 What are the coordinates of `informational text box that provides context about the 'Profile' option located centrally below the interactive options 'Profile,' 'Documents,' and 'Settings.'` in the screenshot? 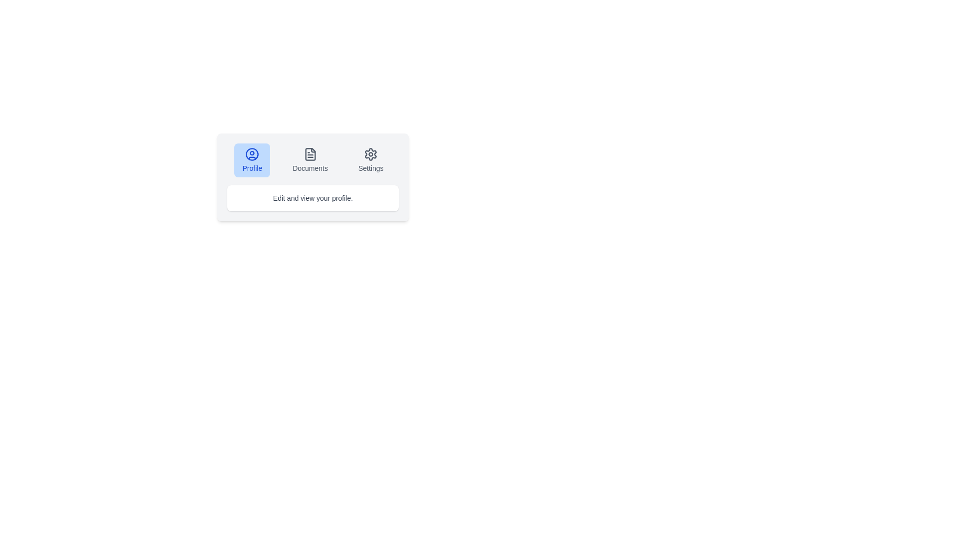 It's located at (313, 198).